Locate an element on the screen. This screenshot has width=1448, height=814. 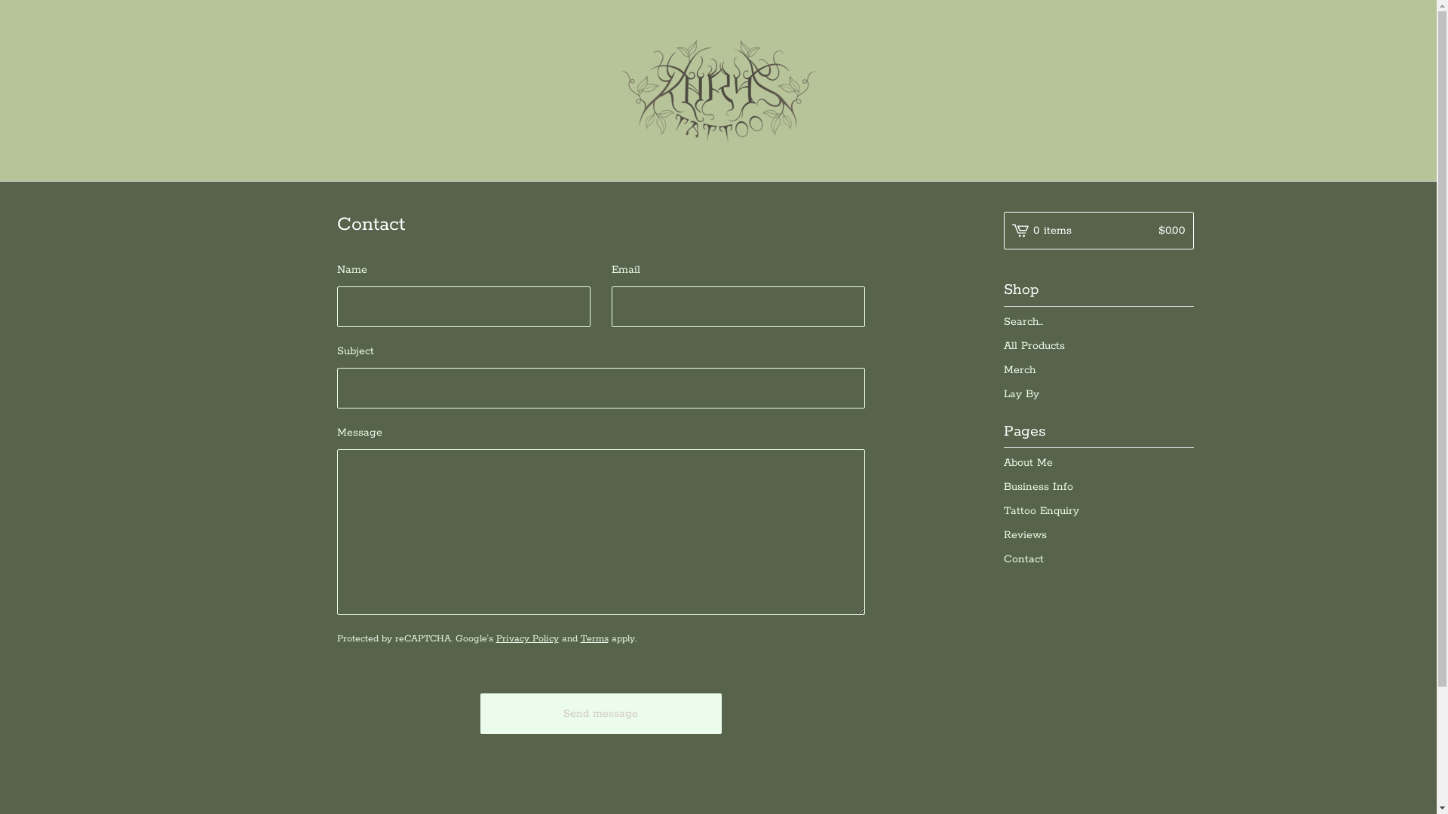
'All Products' is located at coordinates (1002, 346).